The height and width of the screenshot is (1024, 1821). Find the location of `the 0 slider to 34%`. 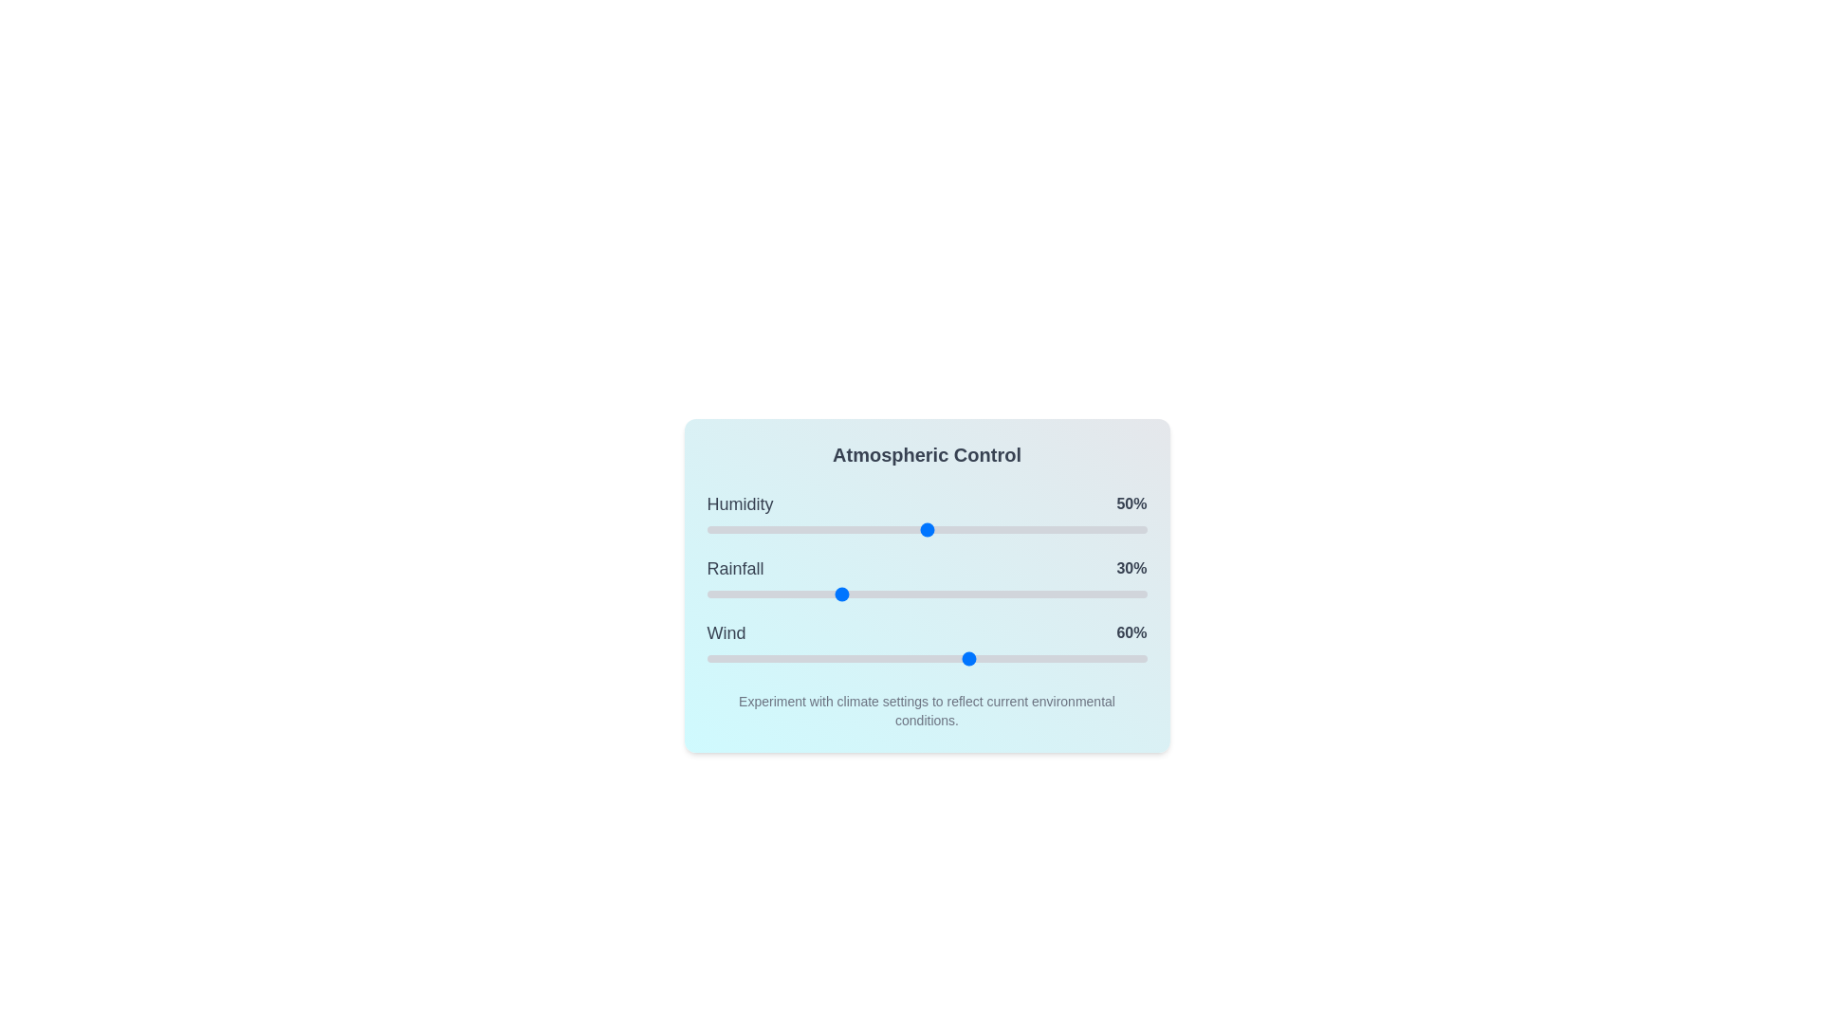

the 0 slider to 34% is located at coordinates (855, 530).